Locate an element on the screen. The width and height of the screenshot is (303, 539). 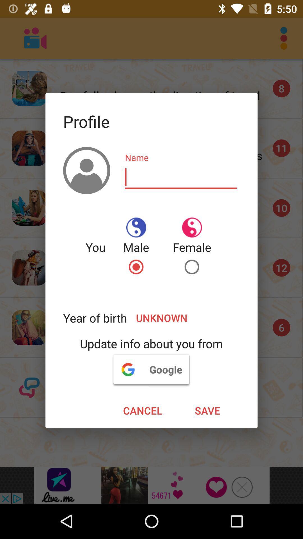
the google icon is located at coordinates (151, 369).